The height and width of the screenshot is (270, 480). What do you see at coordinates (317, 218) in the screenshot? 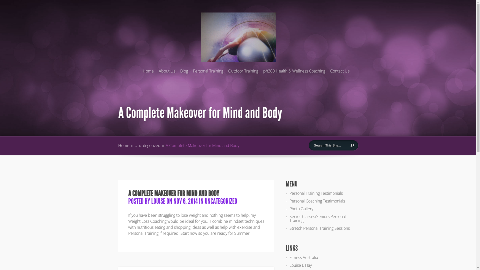
I see `'Senior Classes/Seniors Personal Training'` at bounding box center [317, 218].